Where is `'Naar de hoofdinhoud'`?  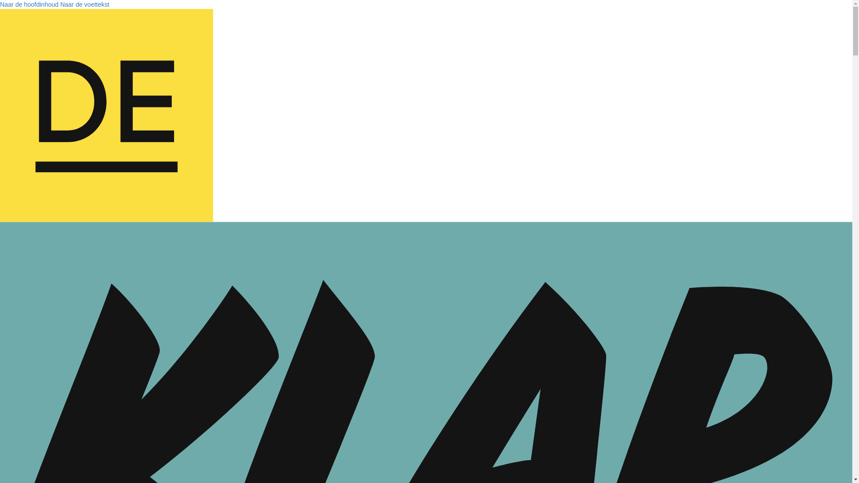
'Naar de hoofdinhoud' is located at coordinates (0, 4).